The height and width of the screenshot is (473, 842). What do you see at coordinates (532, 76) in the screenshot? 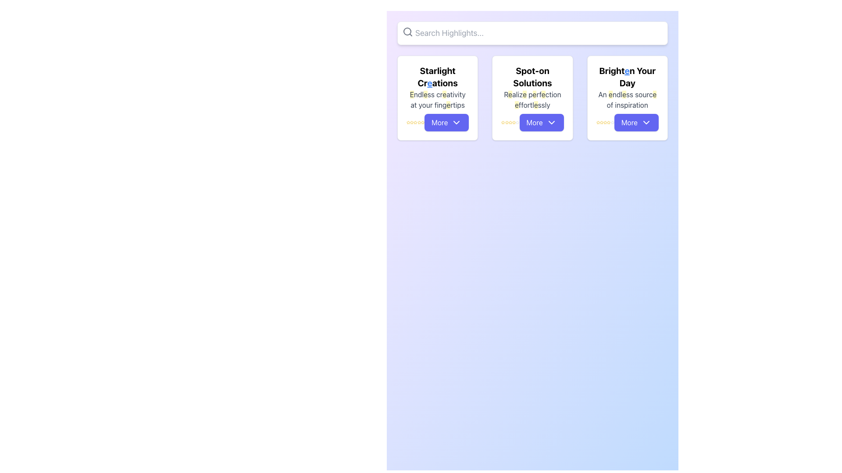
I see `title text element located in the second card of a three-column layout, positioned centrally above the text 'Realize perfection effortlessly'` at bounding box center [532, 76].